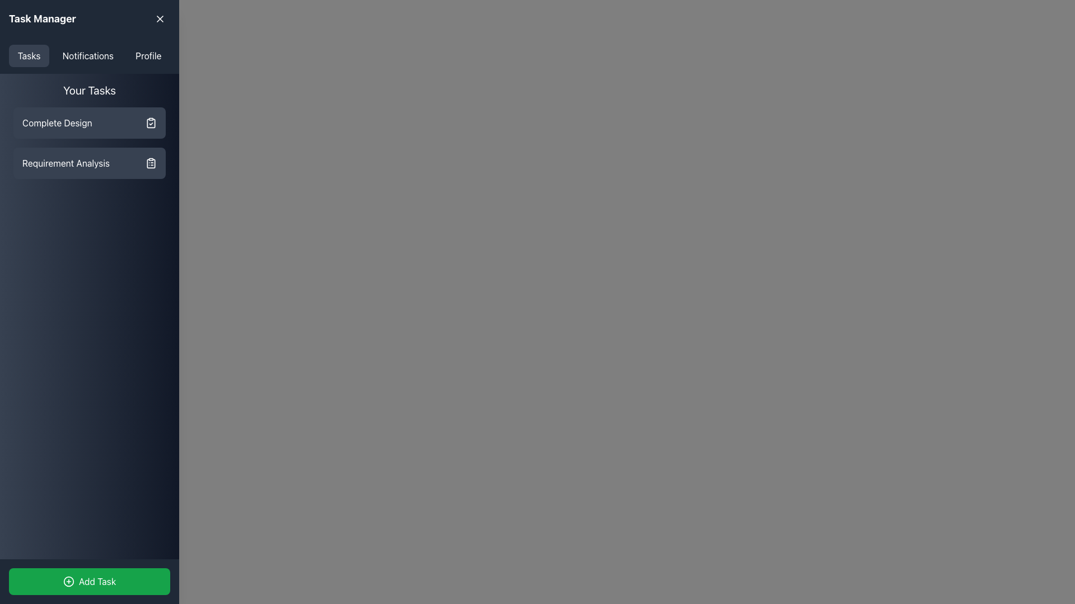 Image resolution: width=1075 pixels, height=604 pixels. Describe the element at coordinates (88, 581) in the screenshot. I see `the 'Add Task' button, which is a vibrant green rectangular button with a white '+' icon and the text 'Add Task' in white, located at the bottom-left corner of the interface` at that location.